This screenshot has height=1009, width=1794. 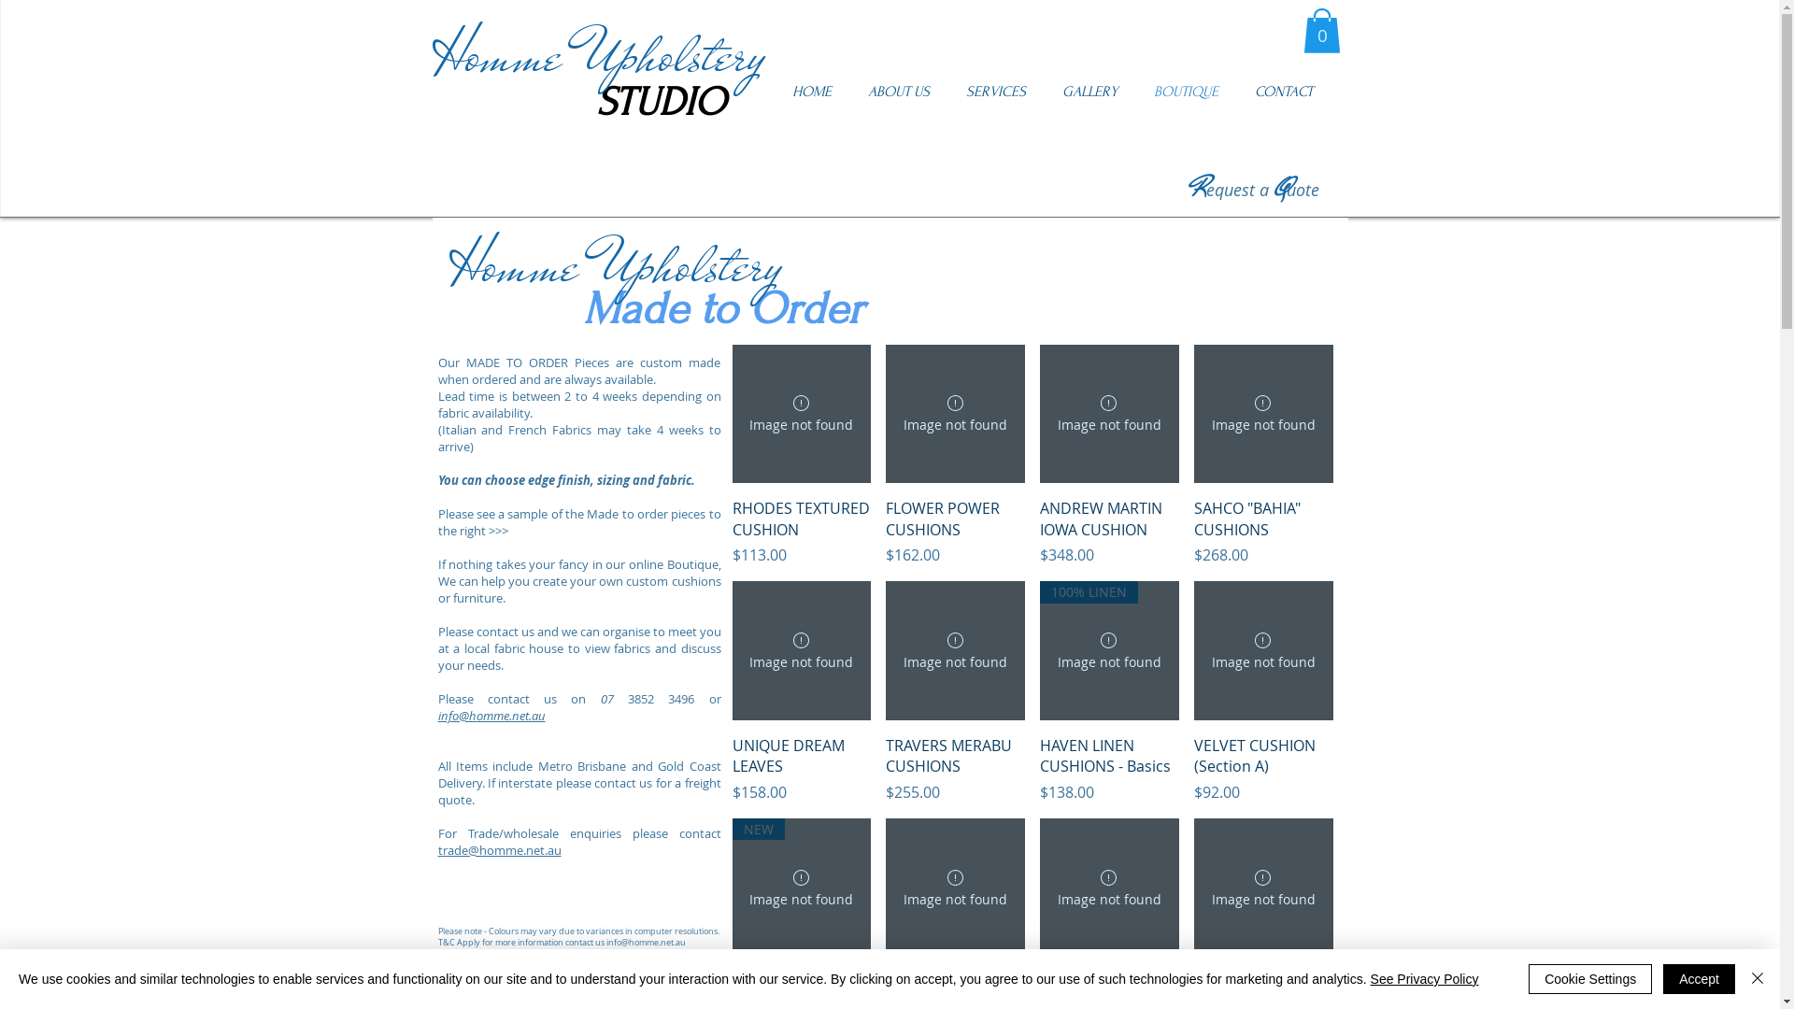 What do you see at coordinates (955, 532) in the screenshot?
I see `'FLOWER POWER CUSHIONS` at bounding box center [955, 532].